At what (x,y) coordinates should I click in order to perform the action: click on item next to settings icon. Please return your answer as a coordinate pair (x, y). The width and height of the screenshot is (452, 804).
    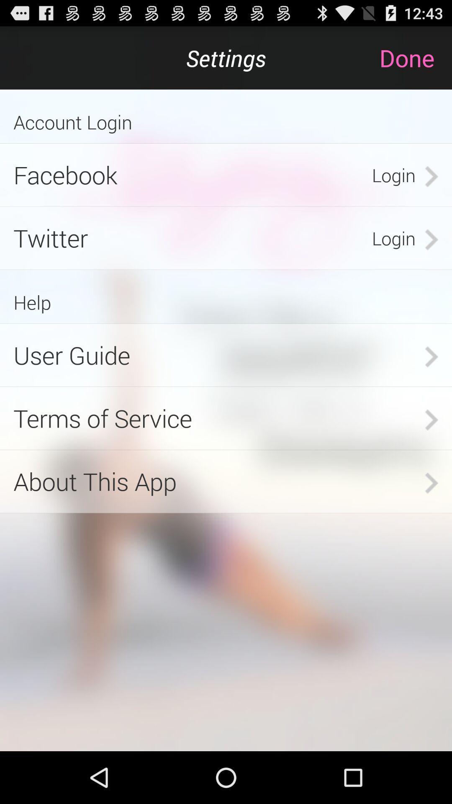
    Looking at the image, I should click on (415, 57).